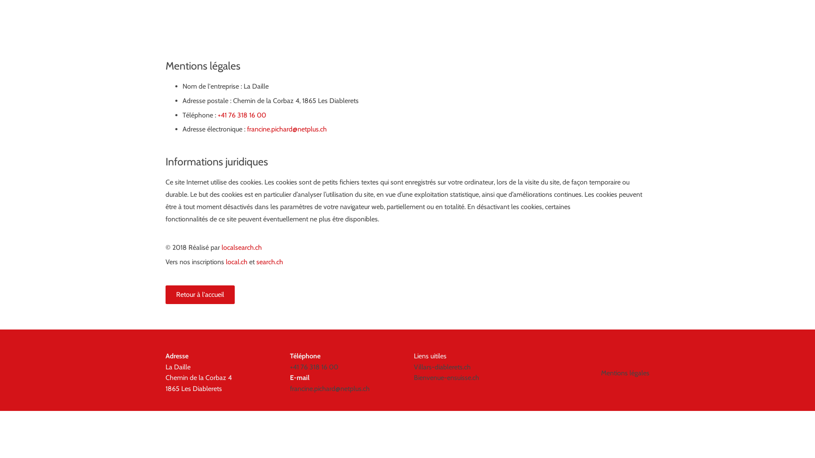 The height and width of the screenshot is (458, 815). Describe the element at coordinates (289, 388) in the screenshot. I see `'francine.pichard@netplus.ch'` at that location.